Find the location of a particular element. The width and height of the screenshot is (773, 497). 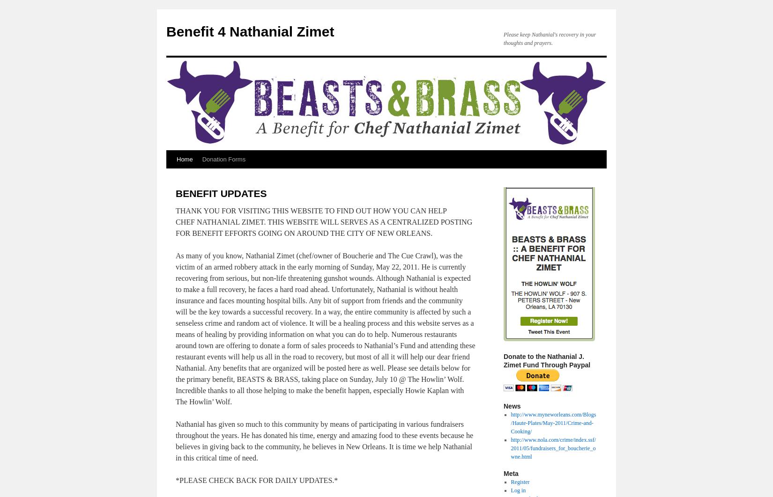

'http://www.myneworleans.com/Blogs/Haute-Plates/May-2011/Crime-and-Cooking/' is located at coordinates (510, 422).